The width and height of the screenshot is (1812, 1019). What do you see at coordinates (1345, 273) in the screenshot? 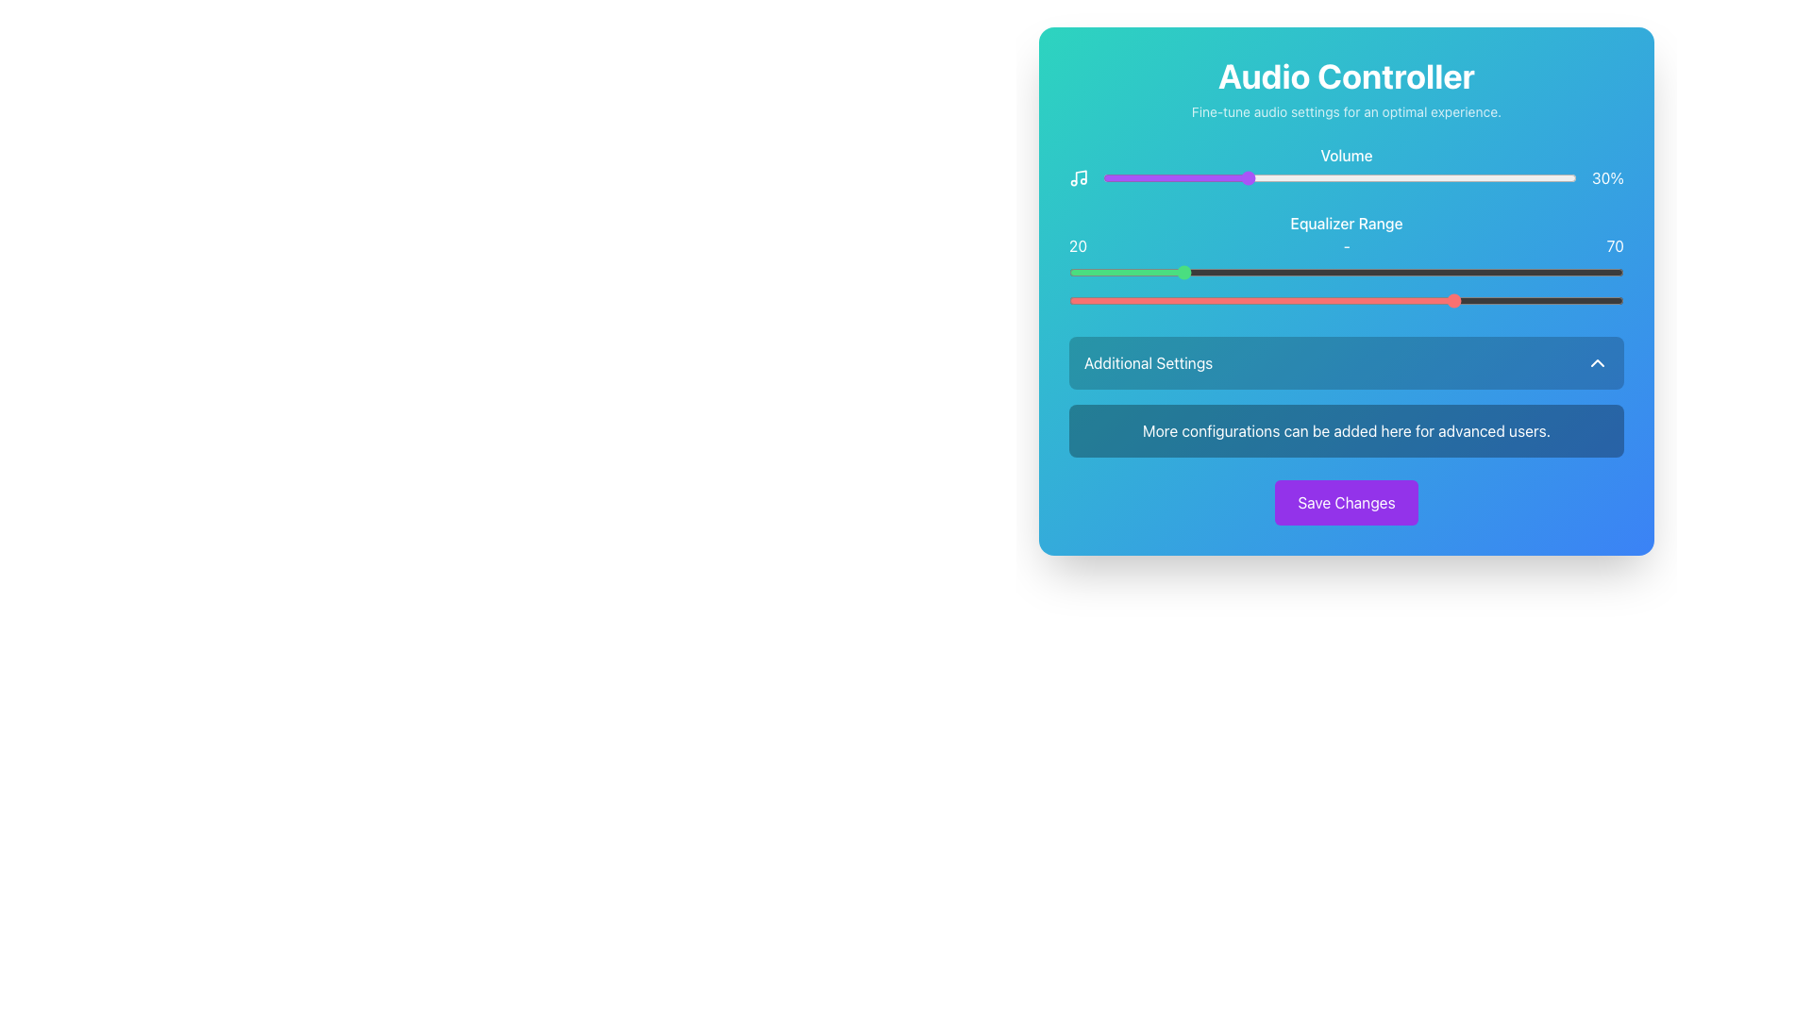
I see `the green accent Range slider control located below the label 'Equalizer Range 20-70' to set the value` at bounding box center [1345, 273].